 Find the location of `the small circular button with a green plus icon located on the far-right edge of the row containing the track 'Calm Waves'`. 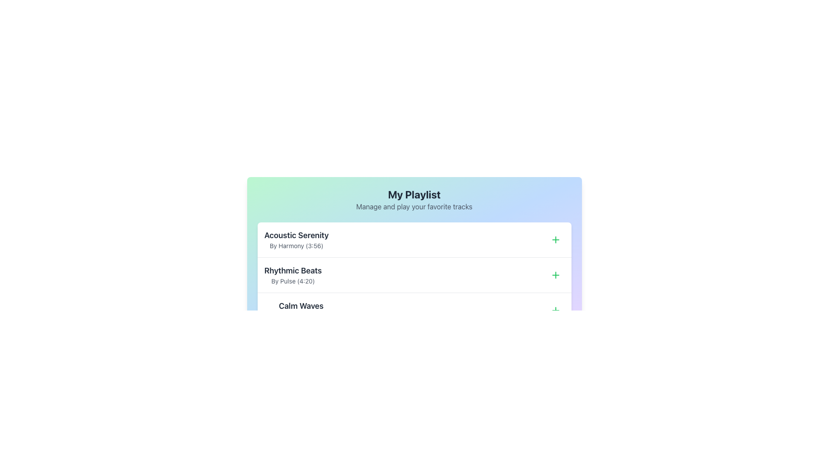

the small circular button with a green plus icon located on the far-right edge of the row containing the track 'Calm Waves' is located at coordinates (555, 310).